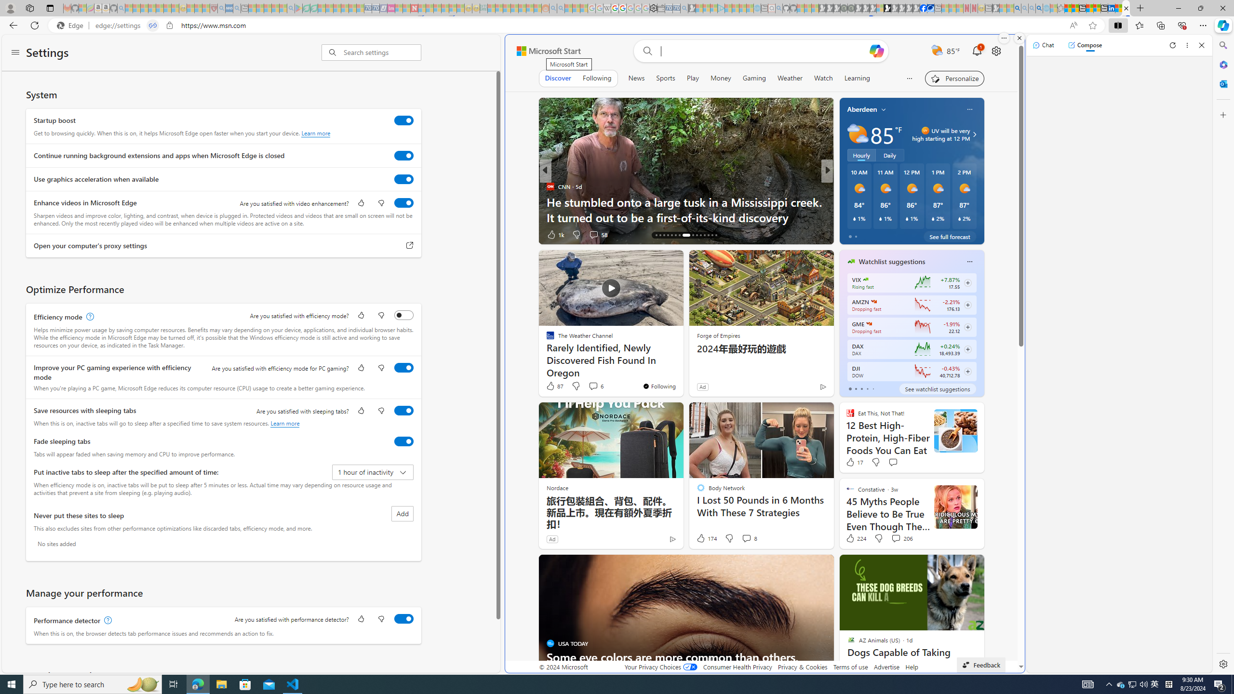 The image size is (1234, 694). I want to click on 'Nordace | Facebook', so click(923, 8).